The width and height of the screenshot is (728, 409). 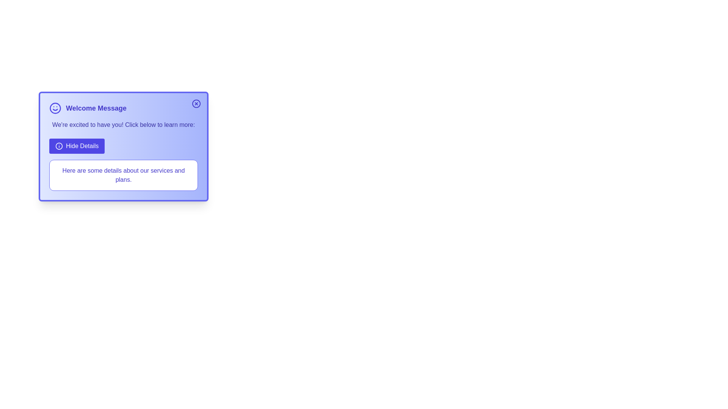 I want to click on the close button to dismiss the alert, so click(x=196, y=103).